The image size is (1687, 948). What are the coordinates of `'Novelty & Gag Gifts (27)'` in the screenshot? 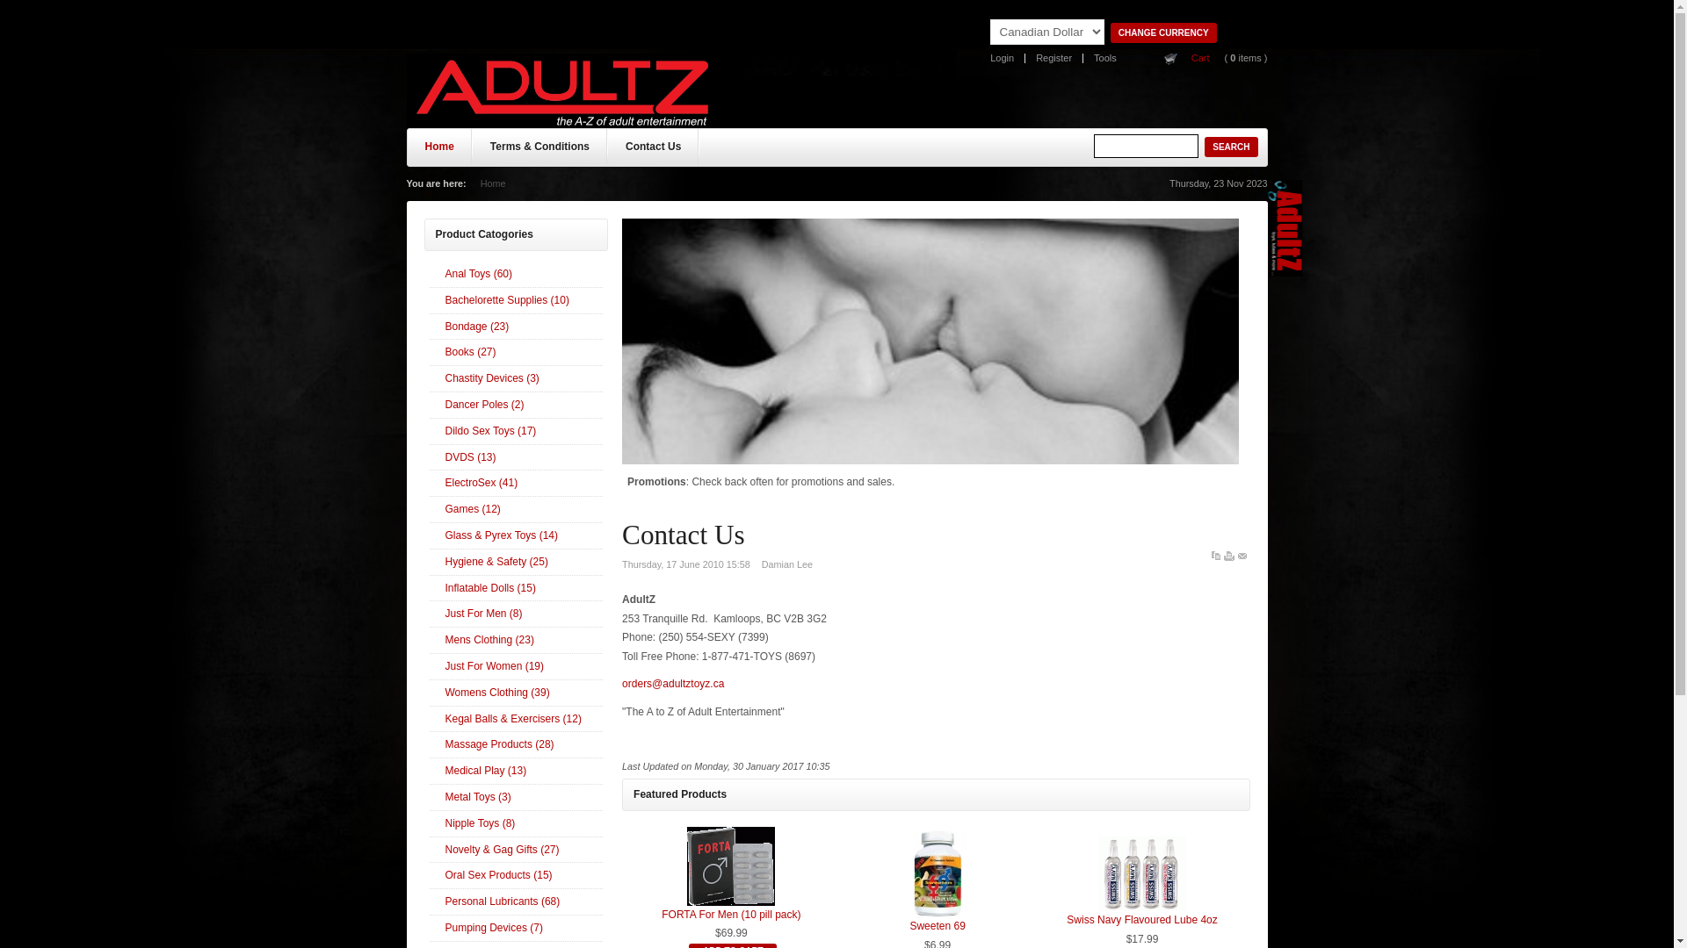 It's located at (514, 849).